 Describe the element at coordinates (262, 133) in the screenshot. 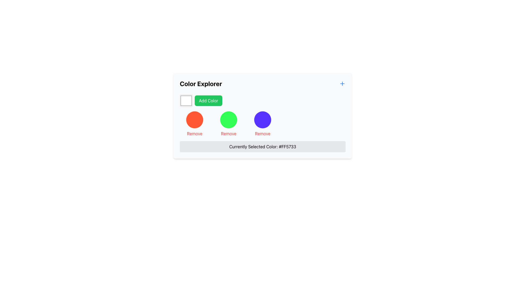

I see `the interactive text label located below the associated purple icon` at that location.